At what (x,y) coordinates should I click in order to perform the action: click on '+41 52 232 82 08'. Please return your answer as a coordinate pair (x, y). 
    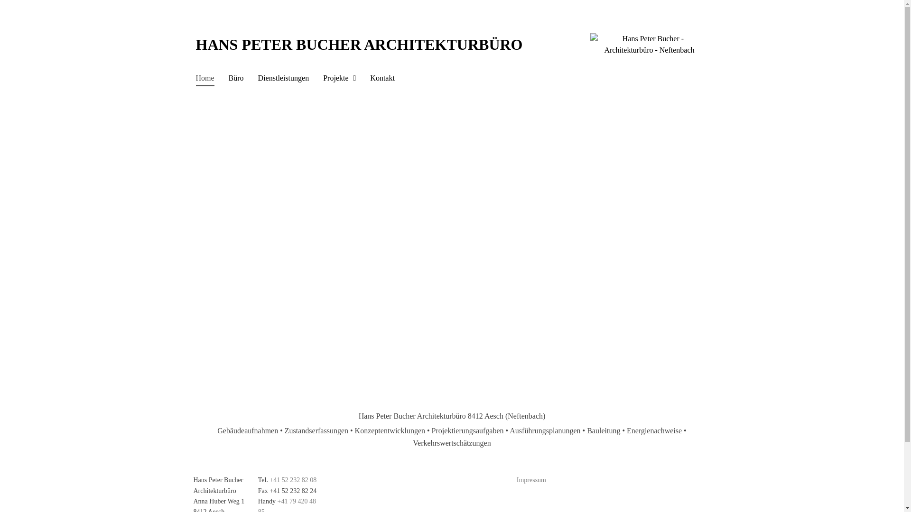
    Looking at the image, I should click on (292, 480).